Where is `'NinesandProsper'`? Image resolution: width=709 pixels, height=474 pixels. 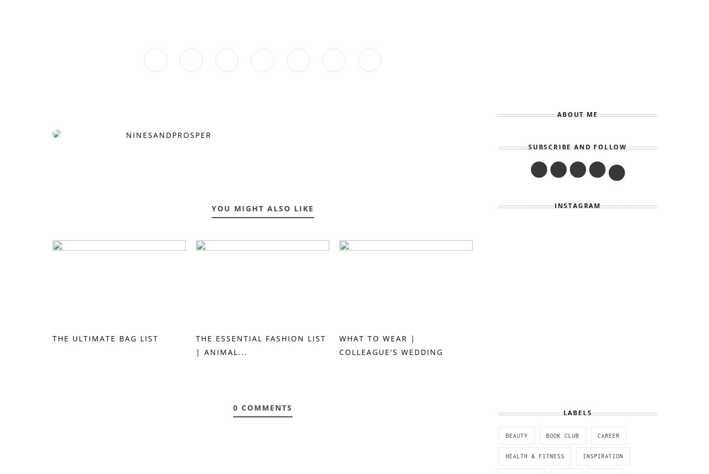
'NinesandProsper' is located at coordinates (168, 134).